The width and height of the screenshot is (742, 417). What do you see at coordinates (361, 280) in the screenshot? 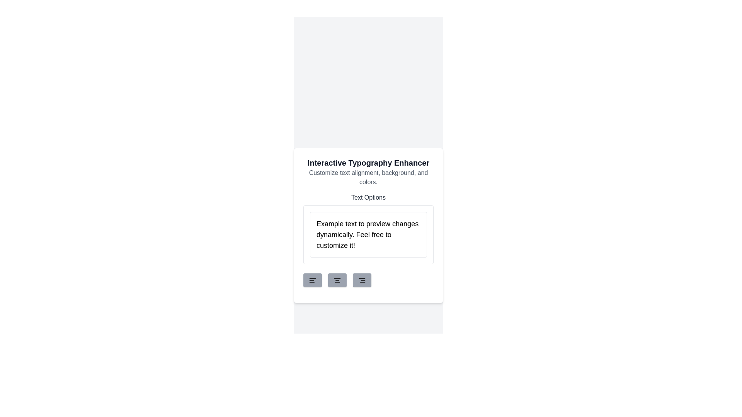
I see `the third button from the left in the row of text alignment options at the bottom section of the Interactive Typography Enhancer interface` at bounding box center [361, 280].